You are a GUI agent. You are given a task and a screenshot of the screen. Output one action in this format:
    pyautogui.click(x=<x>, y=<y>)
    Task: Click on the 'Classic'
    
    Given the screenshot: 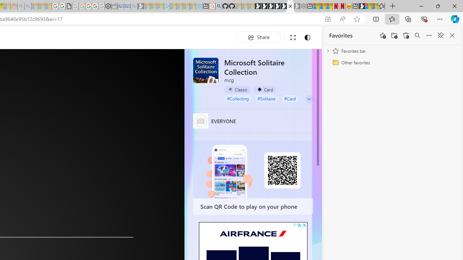 What is the action you would take?
    pyautogui.click(x=237, y=89)
    